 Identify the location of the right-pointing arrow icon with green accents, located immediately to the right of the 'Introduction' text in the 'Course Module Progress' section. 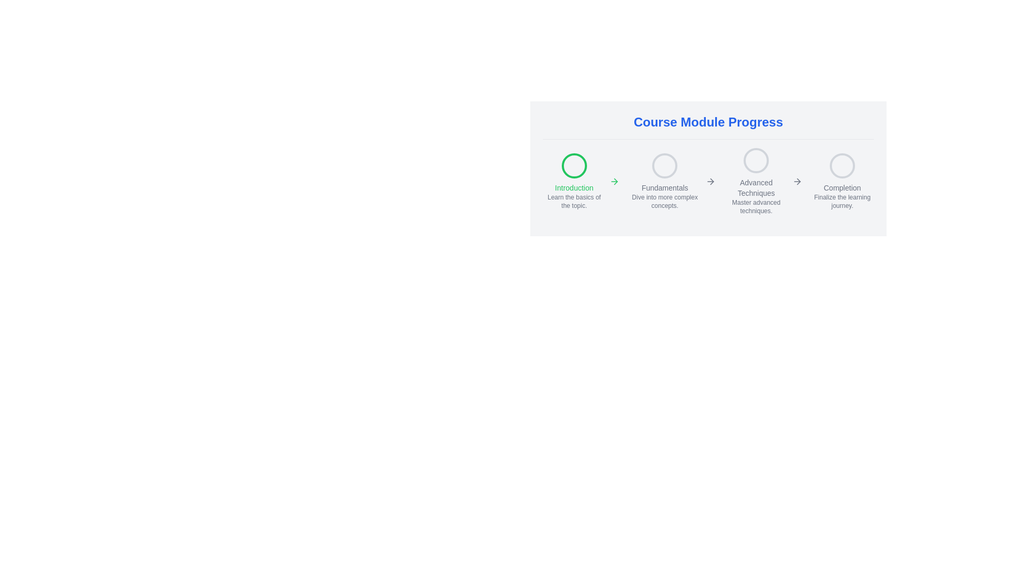
(614, 181).